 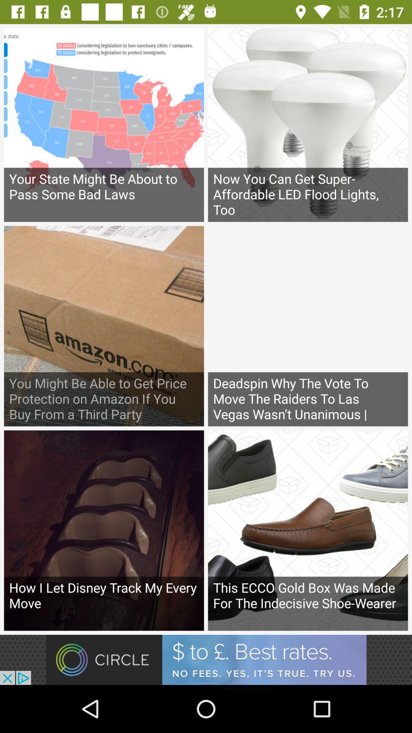 I want to click on the second image which has bulbs, so click(x=307, y=123).